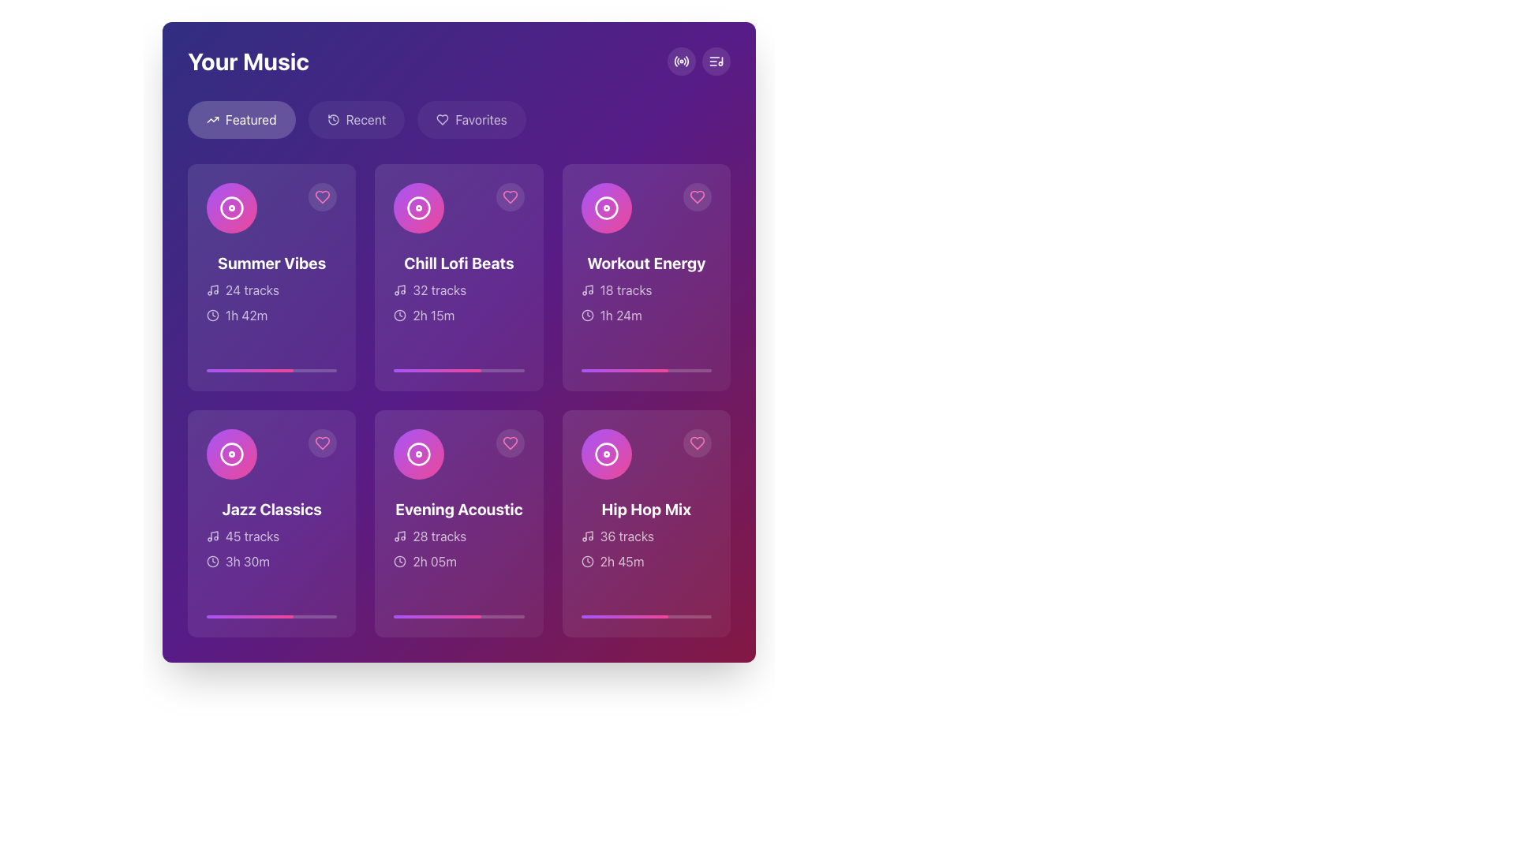 Image resolution: width=1515 pixels, height=852 pixels. What do you see at coordinates (605, 207) in the screenshot?
I see `the circular gradient icon in the top-right section of the 'Workout Energy' card to interact with the audio or disc-related function` at bounding box center [605, 207].